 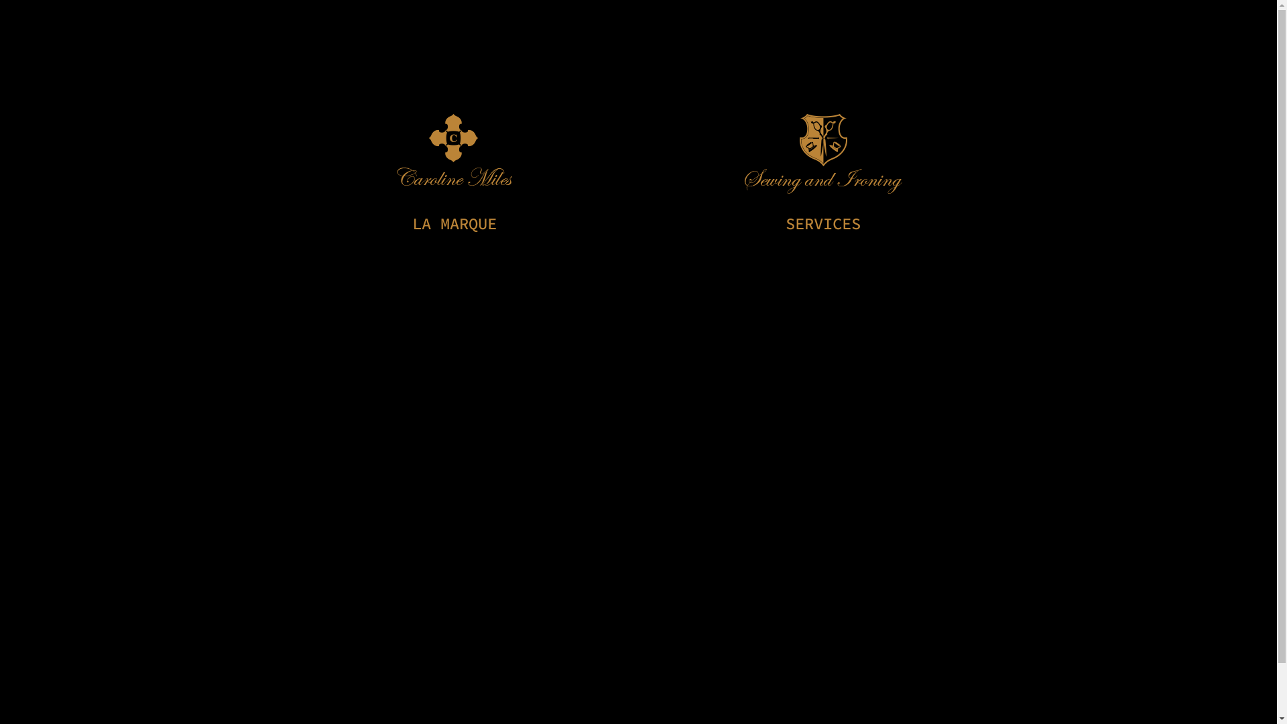 I want to click on 'SERVICES', so click(x=822, y=223).